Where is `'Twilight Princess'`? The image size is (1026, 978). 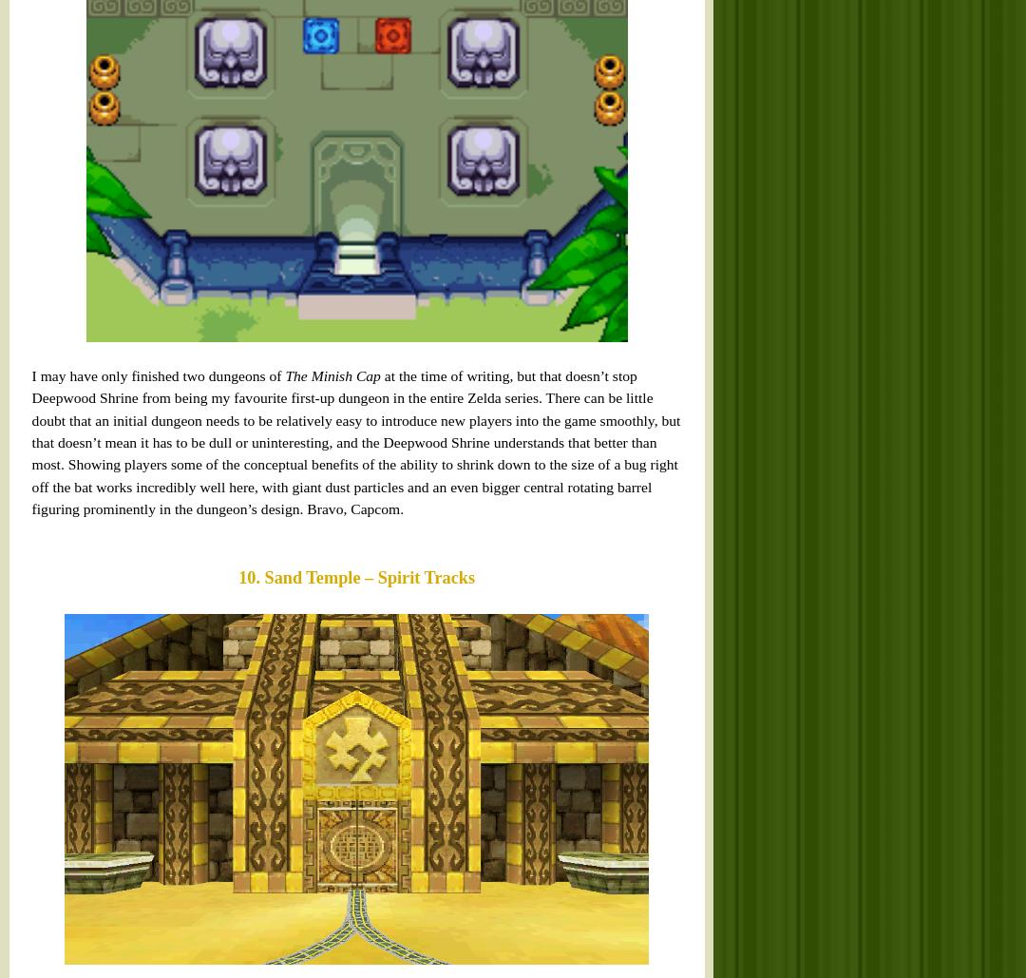 'Twilight Princess' is located at coordinates (237, 215).